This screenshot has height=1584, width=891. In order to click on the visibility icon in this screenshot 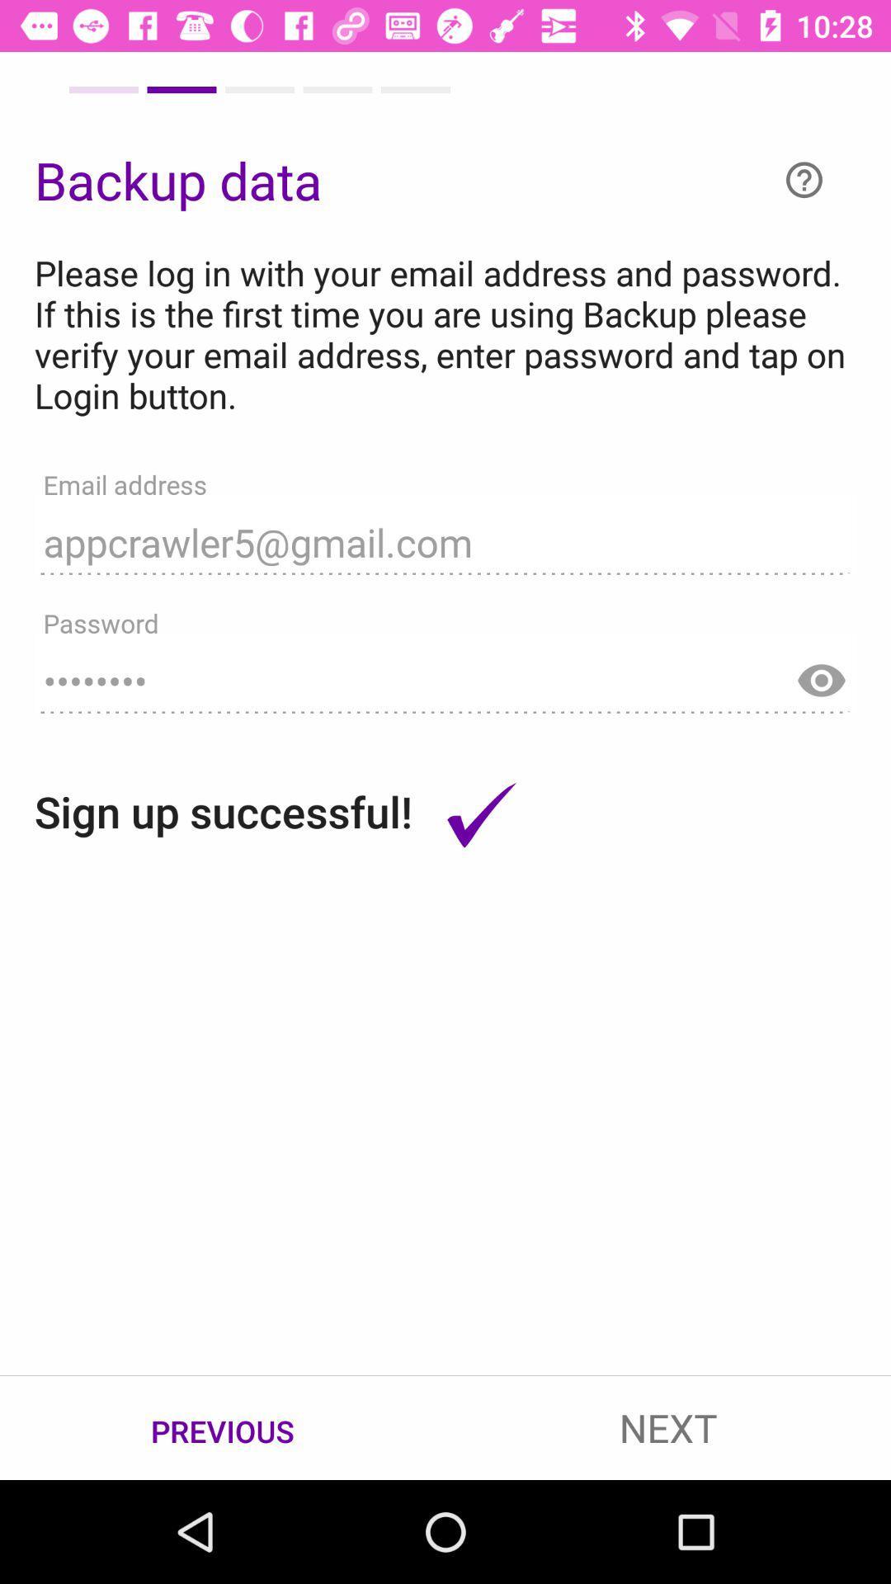, I will do `click(821, 672)`.